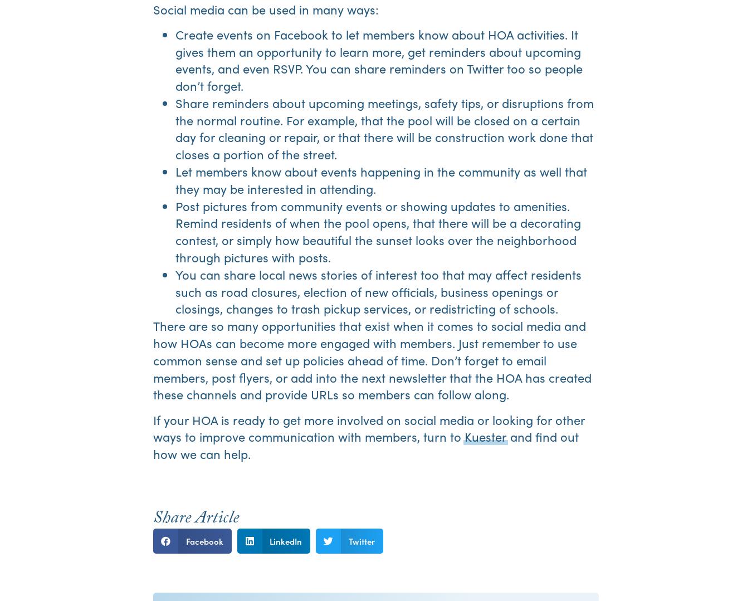  I want to click on 'Facebook', so click(204, 540).